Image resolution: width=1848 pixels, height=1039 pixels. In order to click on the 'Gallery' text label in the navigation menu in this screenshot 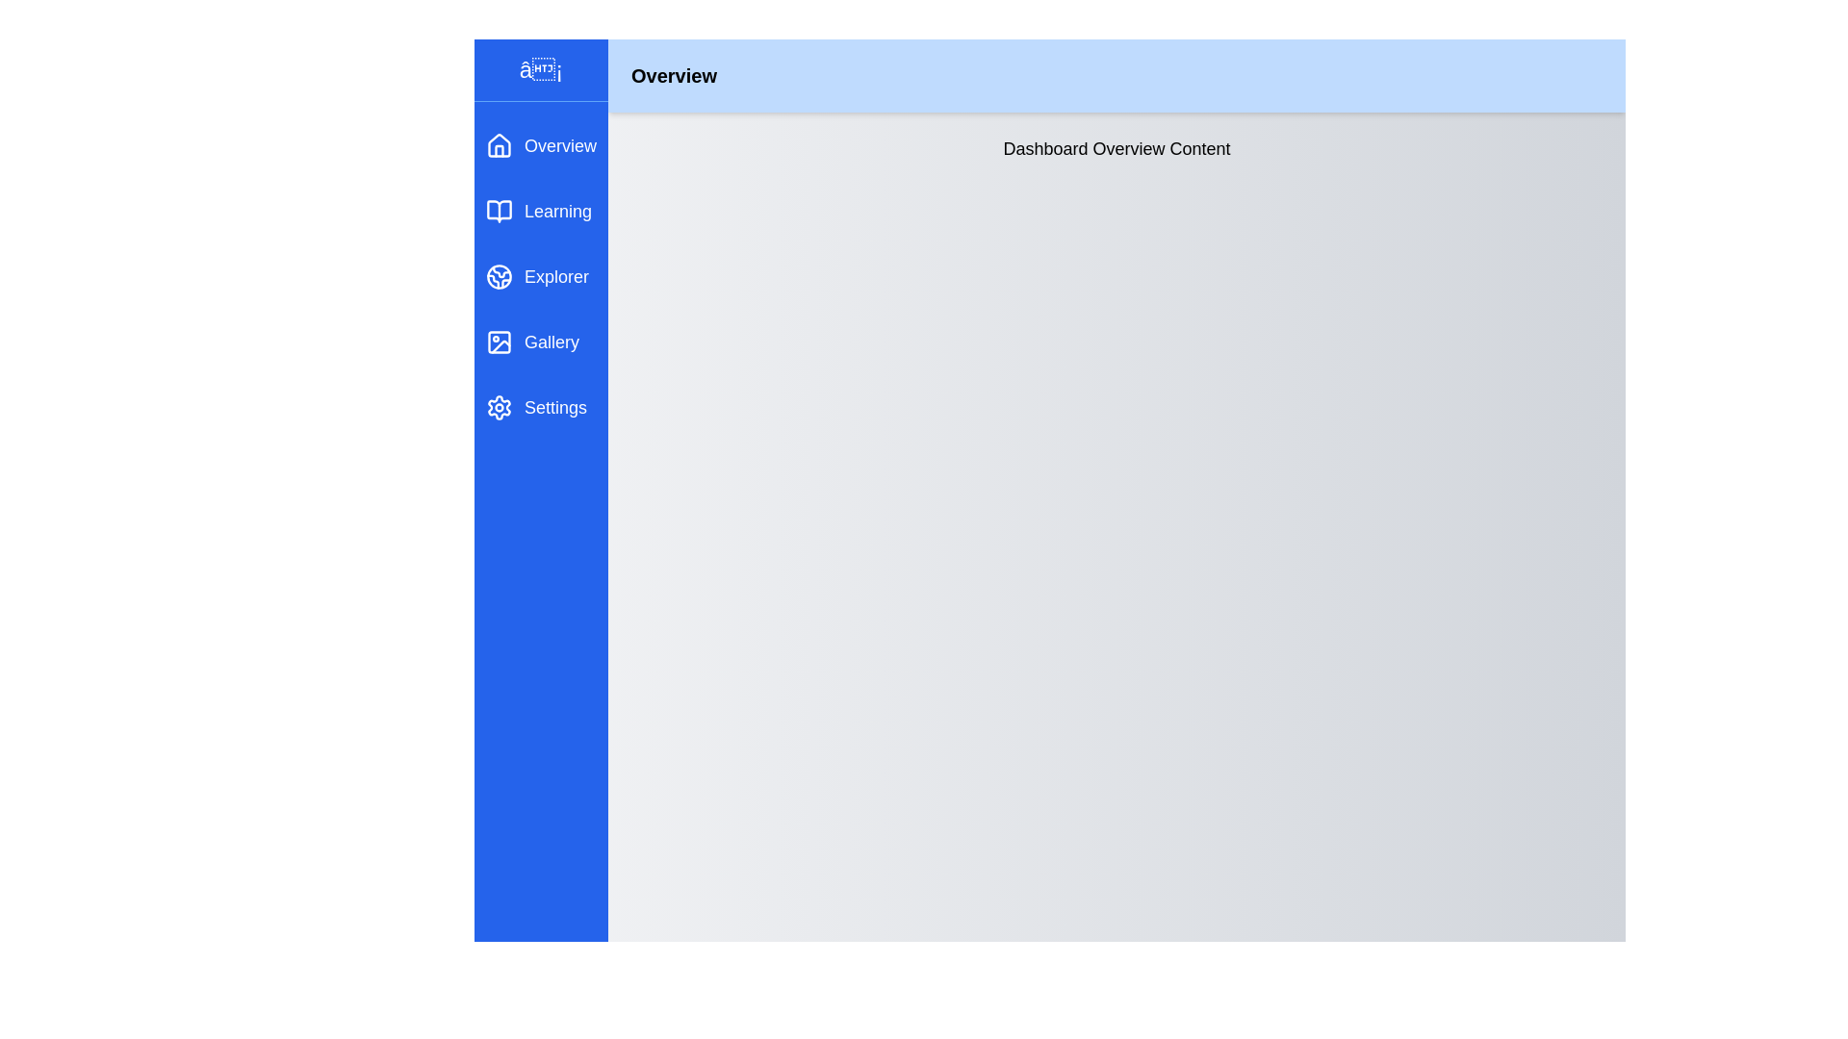, I will do `click(551, 341)`.